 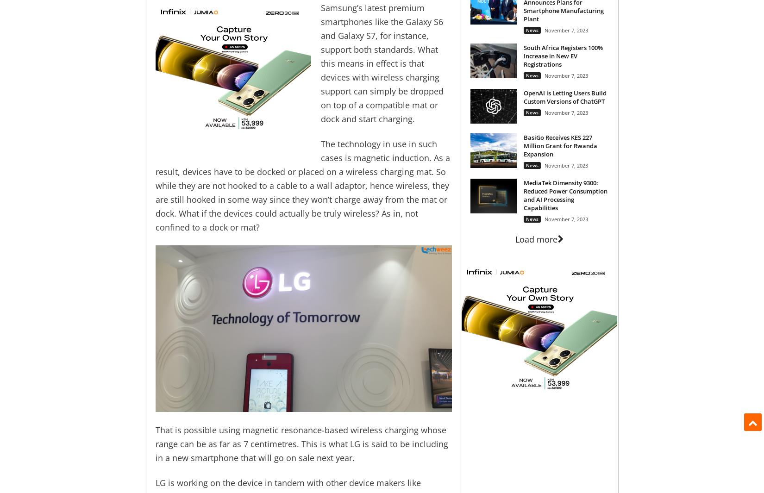 I want to click on 'South Africa Registers 100% Increase in New EV Registrations', so click(x=523, y=55).